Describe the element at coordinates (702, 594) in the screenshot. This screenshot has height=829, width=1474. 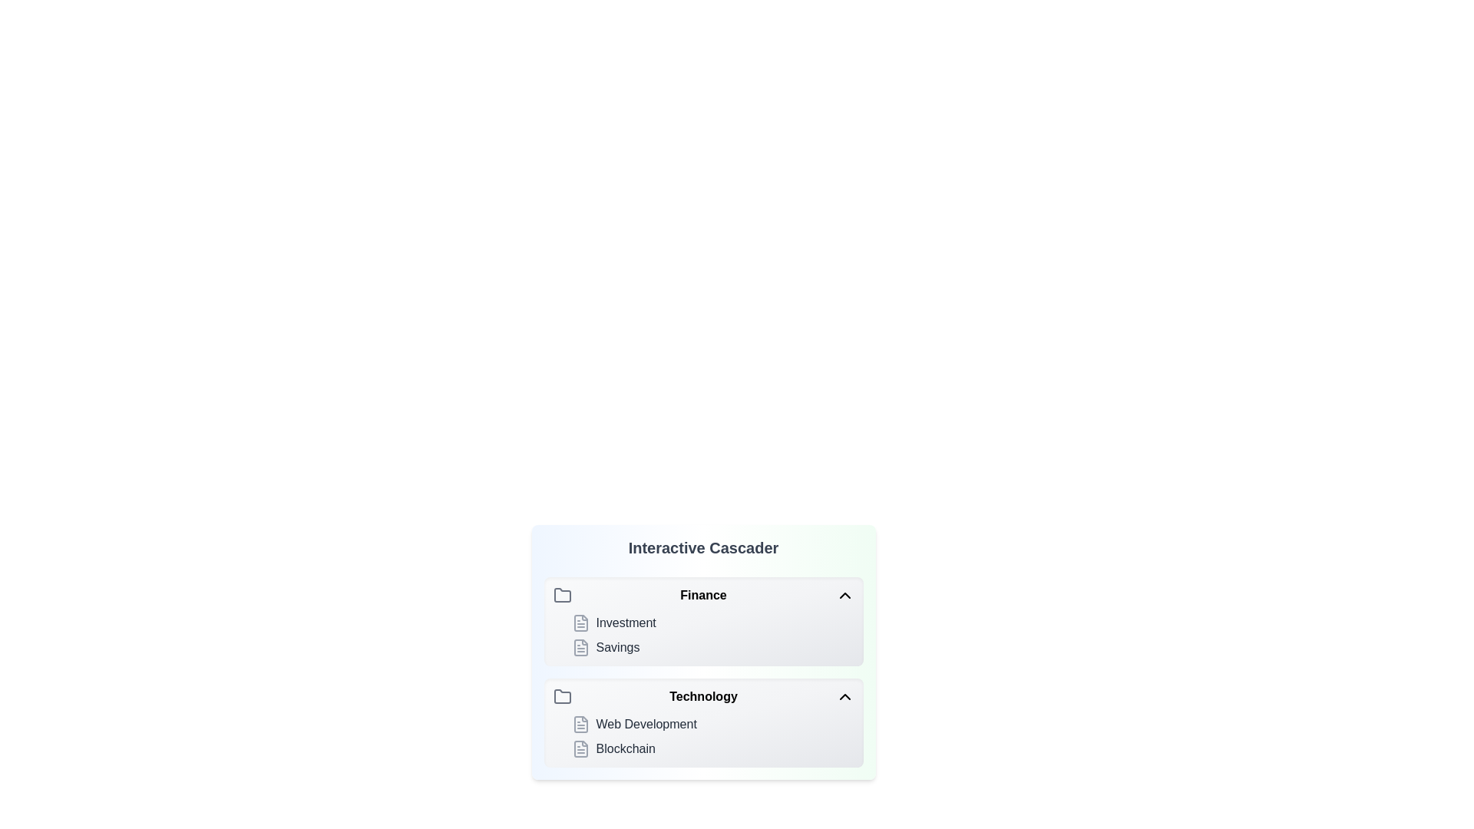
I see `the non-interactive text label representing the category header titled 'Finance' within the hierarchical list` at that location.